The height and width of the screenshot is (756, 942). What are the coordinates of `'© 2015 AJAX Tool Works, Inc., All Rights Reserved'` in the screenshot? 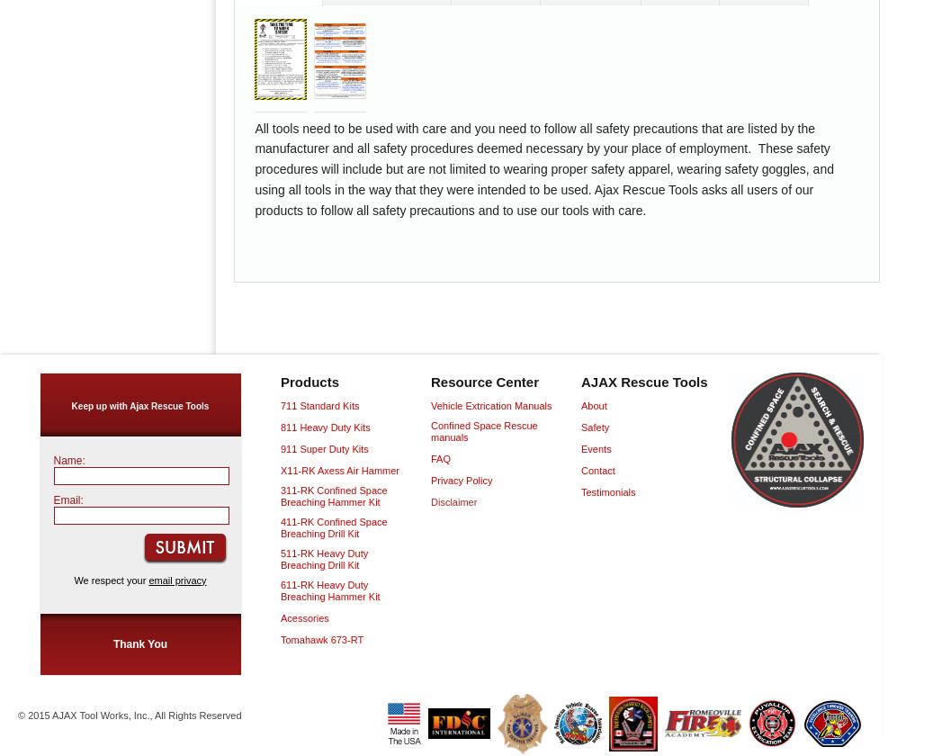 It's located at (128, 715).